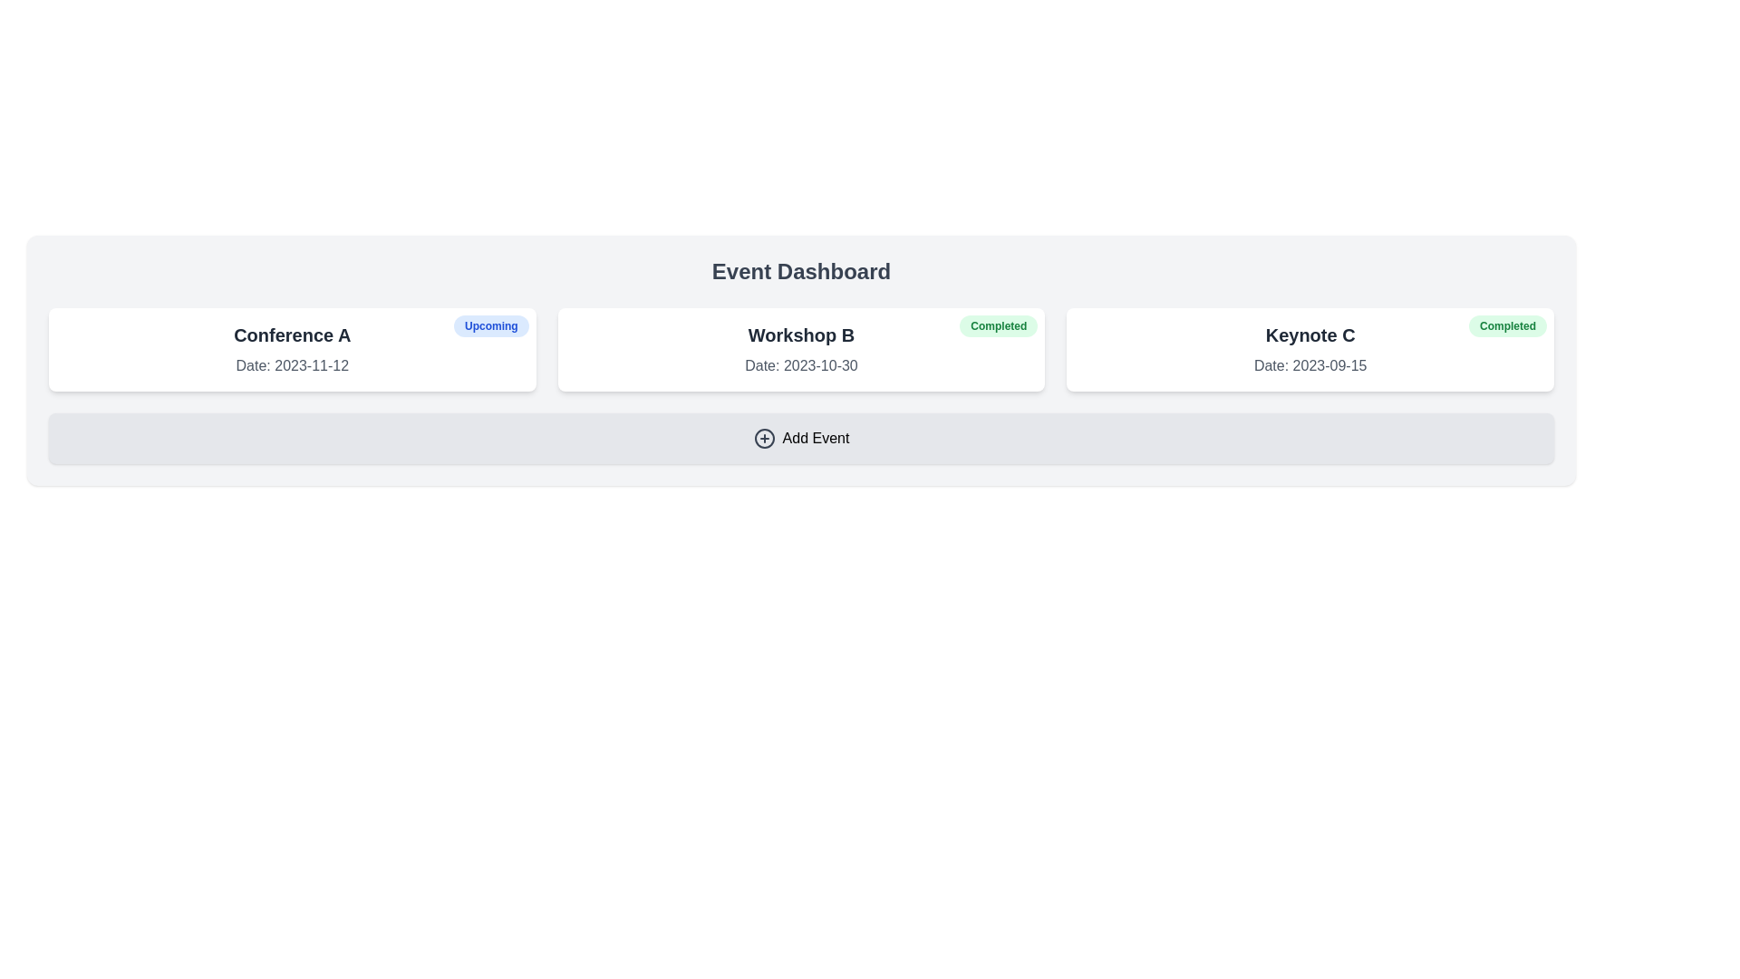  What do you see at coordinates (800, 438) in the screenshot?
I see `the button at the bottom of the 'Event Dashboard'` at bounding box center [800, 438].